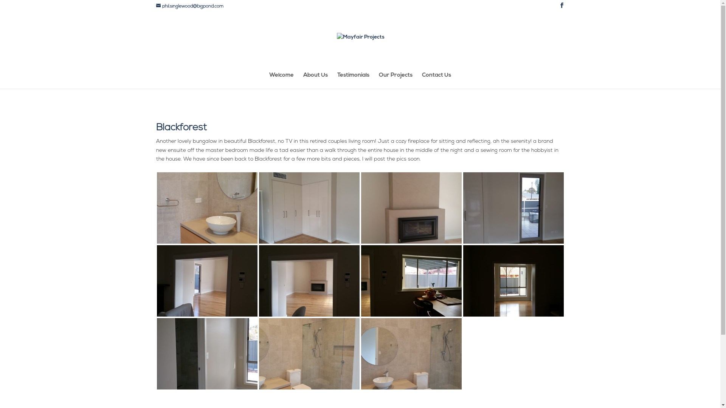 This screenshot has width=726, height=408. What do you see at coordinates (436, 80) in the screenshot?
I see `'Contact Us'` at bounding box center [436, 80].